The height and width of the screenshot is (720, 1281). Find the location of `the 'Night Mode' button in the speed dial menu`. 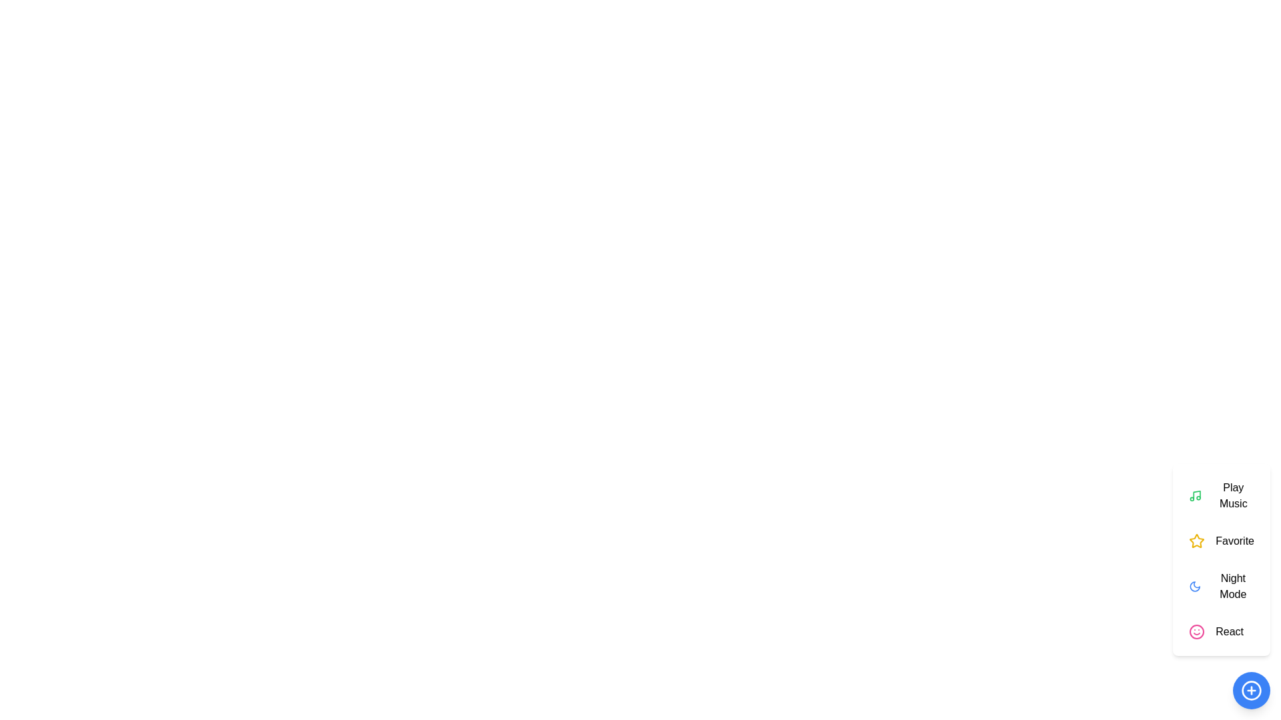

the 'Night Mode' button in the speed dial menu is located at coordinates (1221, 585).